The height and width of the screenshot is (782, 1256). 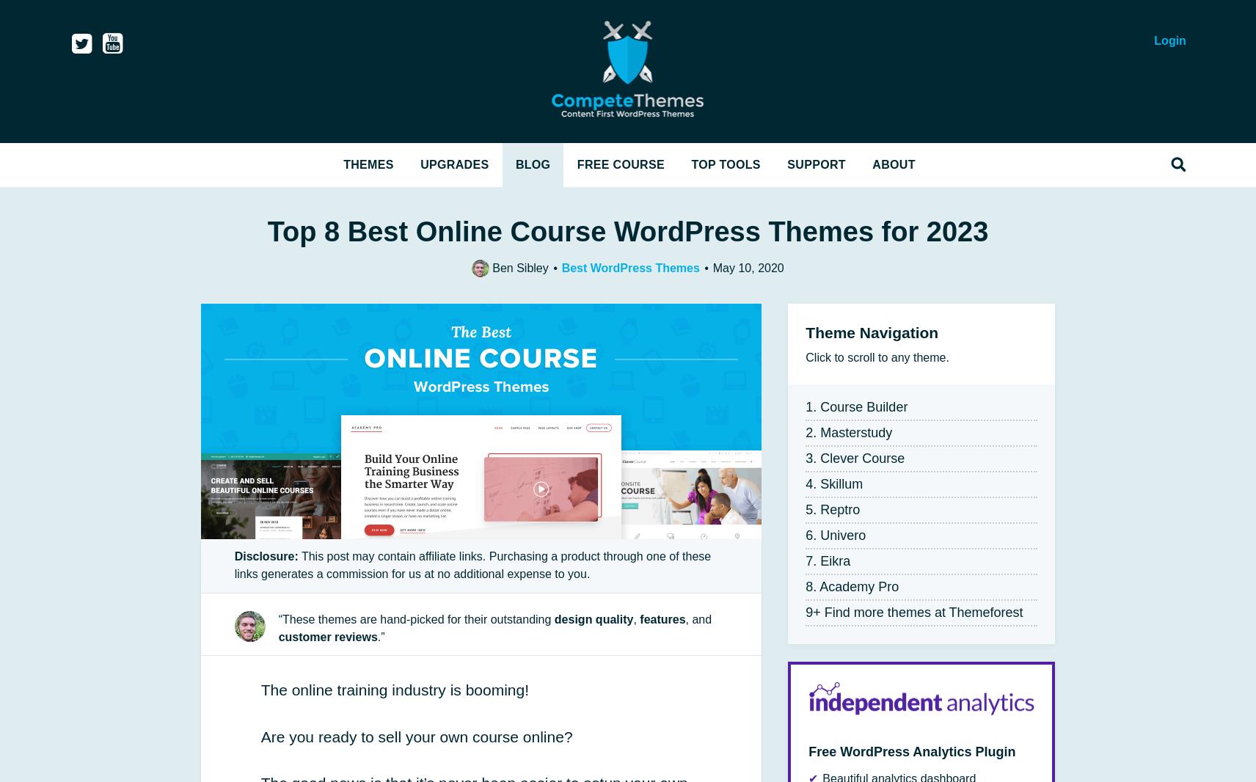 What do you see at coordinates (828, 560) in the screenshot?
I see `'7. Eikra'` at bounding box center [828, 560].